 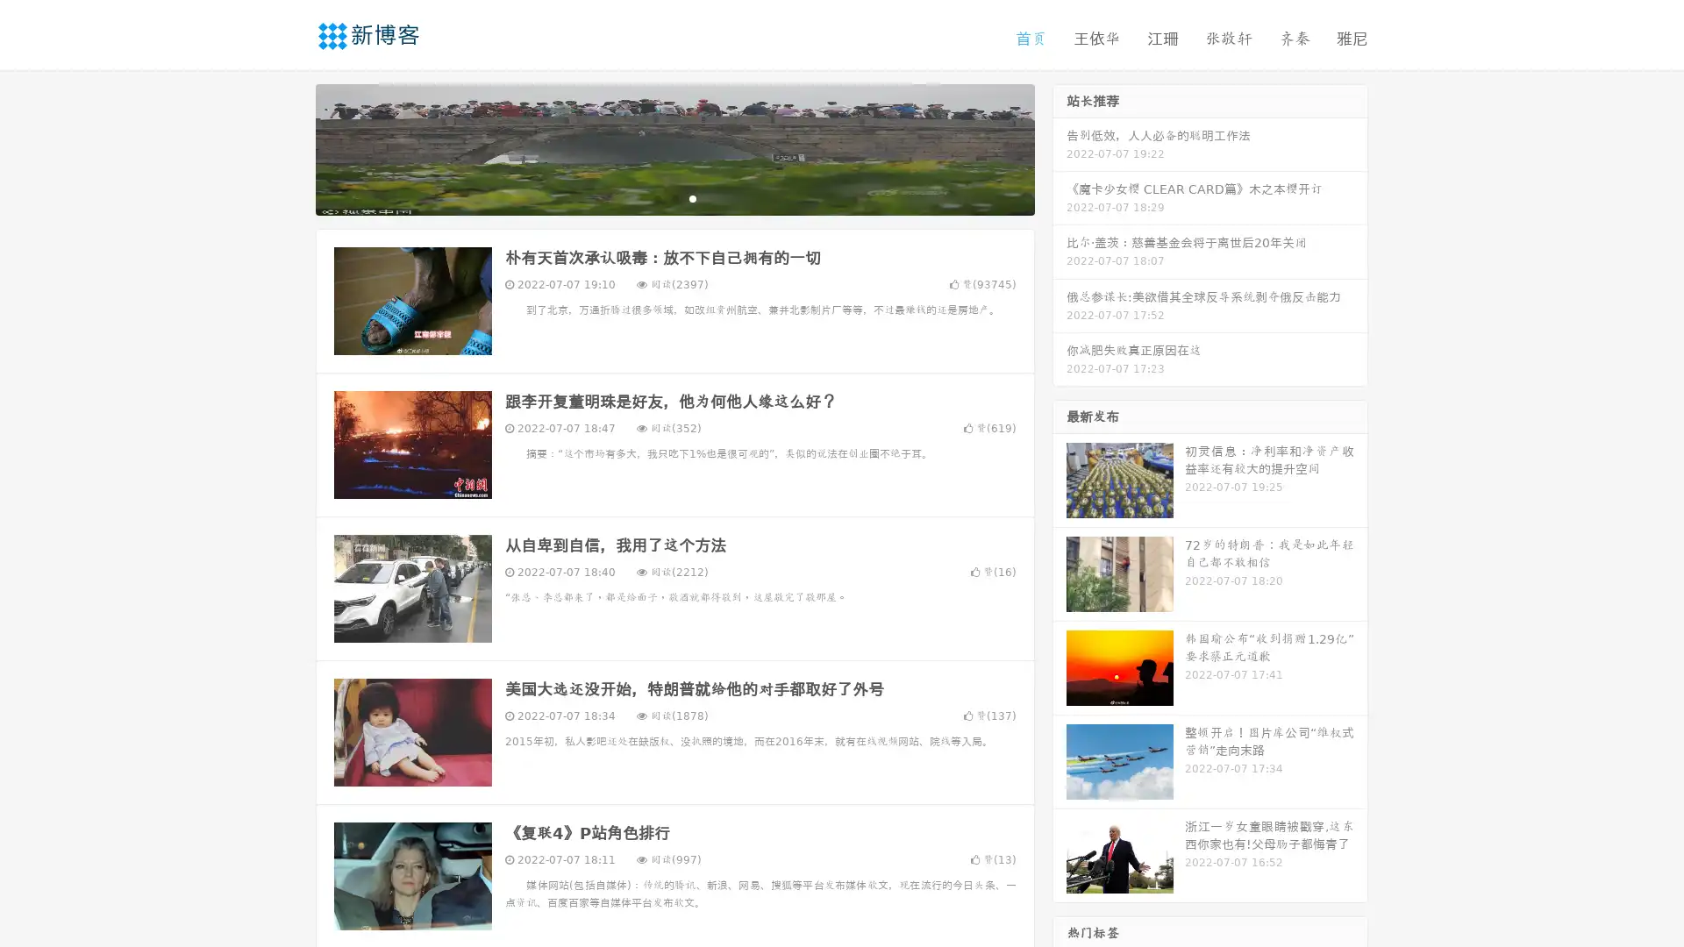 I want to click on Go to slide 2, so click(x=674, y=197).